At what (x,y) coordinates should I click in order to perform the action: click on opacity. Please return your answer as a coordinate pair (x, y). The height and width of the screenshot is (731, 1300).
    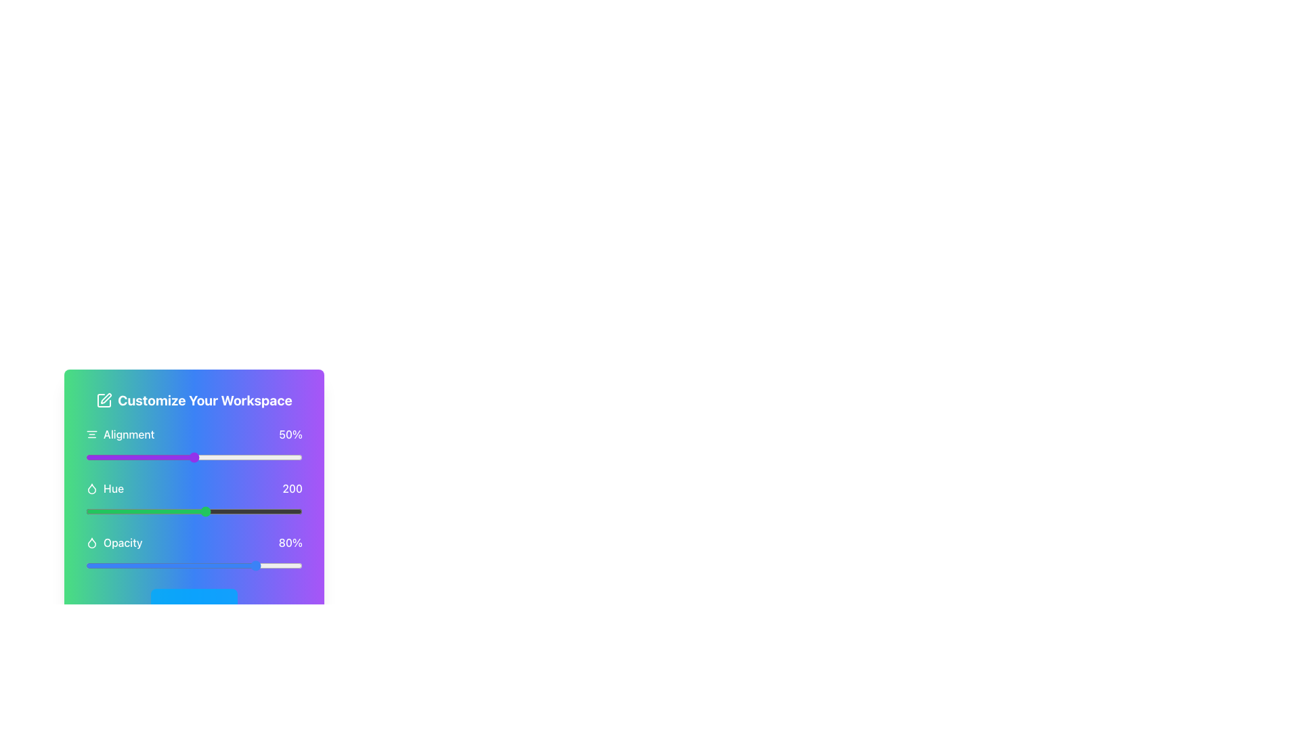
    Looking at the image, I should click on (211, 566).